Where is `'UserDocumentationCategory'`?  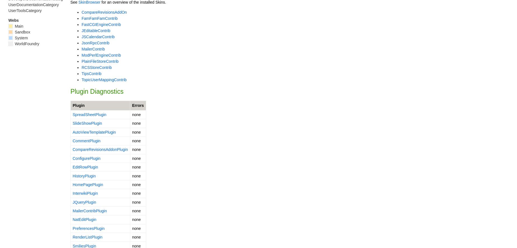
'UserDocumentationCategory' is located at coordinates (33, 4).